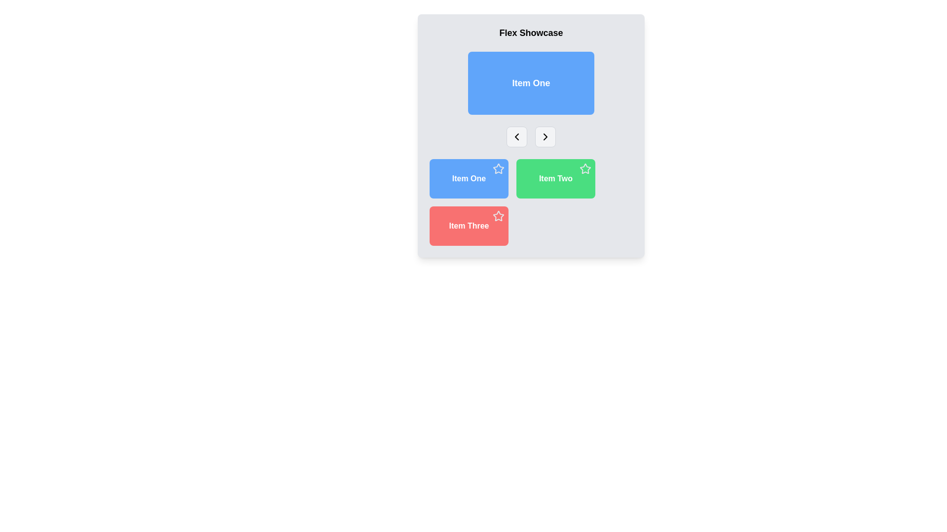 The height and width of the screenshot is (532, 947). Describe the element at coordinates (516, 136) in the screenshot. I see `the left navigation button located under the central 'Item One' card` at that location.